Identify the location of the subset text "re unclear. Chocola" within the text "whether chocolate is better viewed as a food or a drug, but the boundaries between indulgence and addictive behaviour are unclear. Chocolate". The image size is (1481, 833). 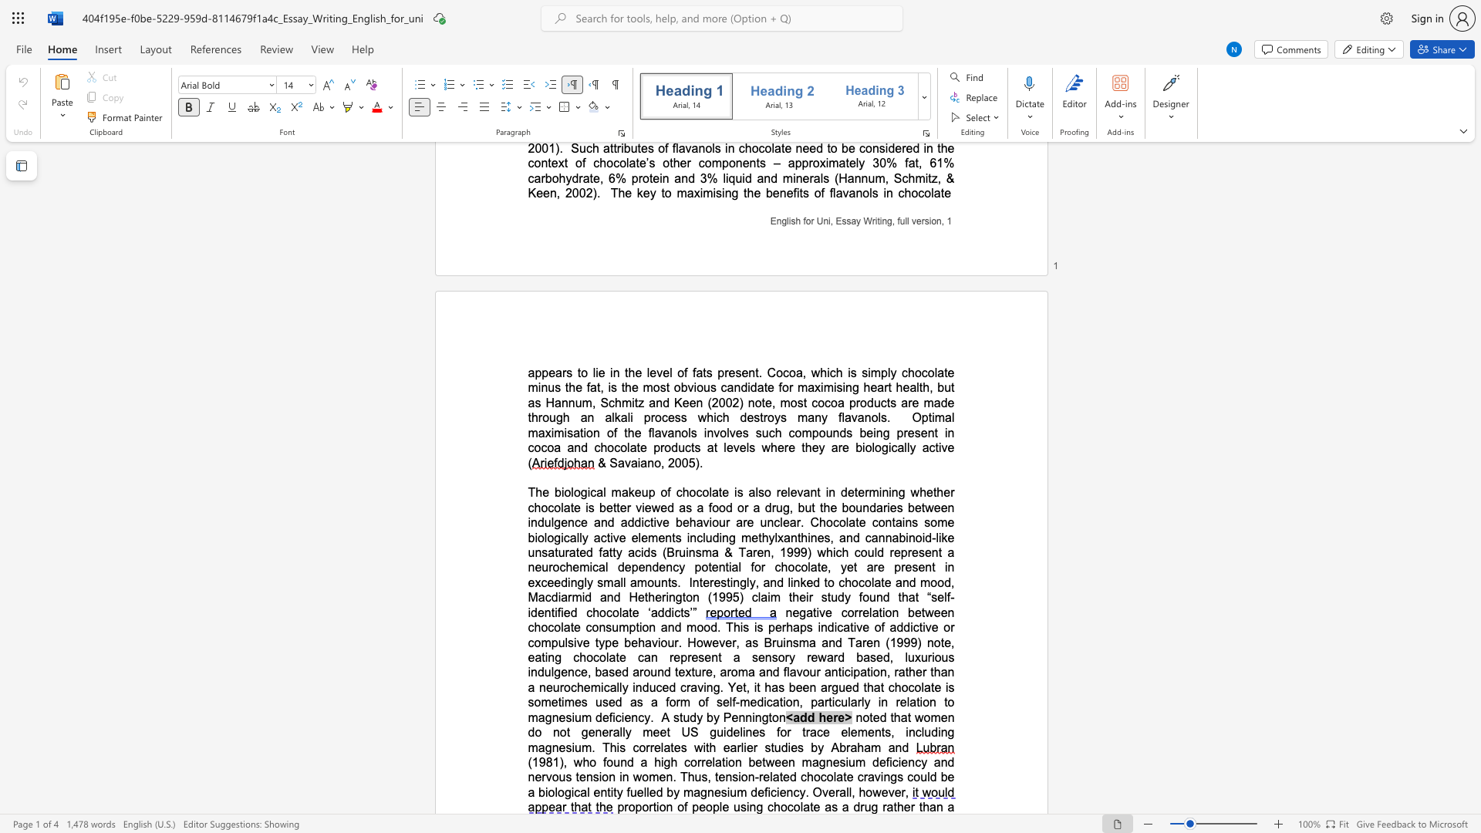
(743, 521).